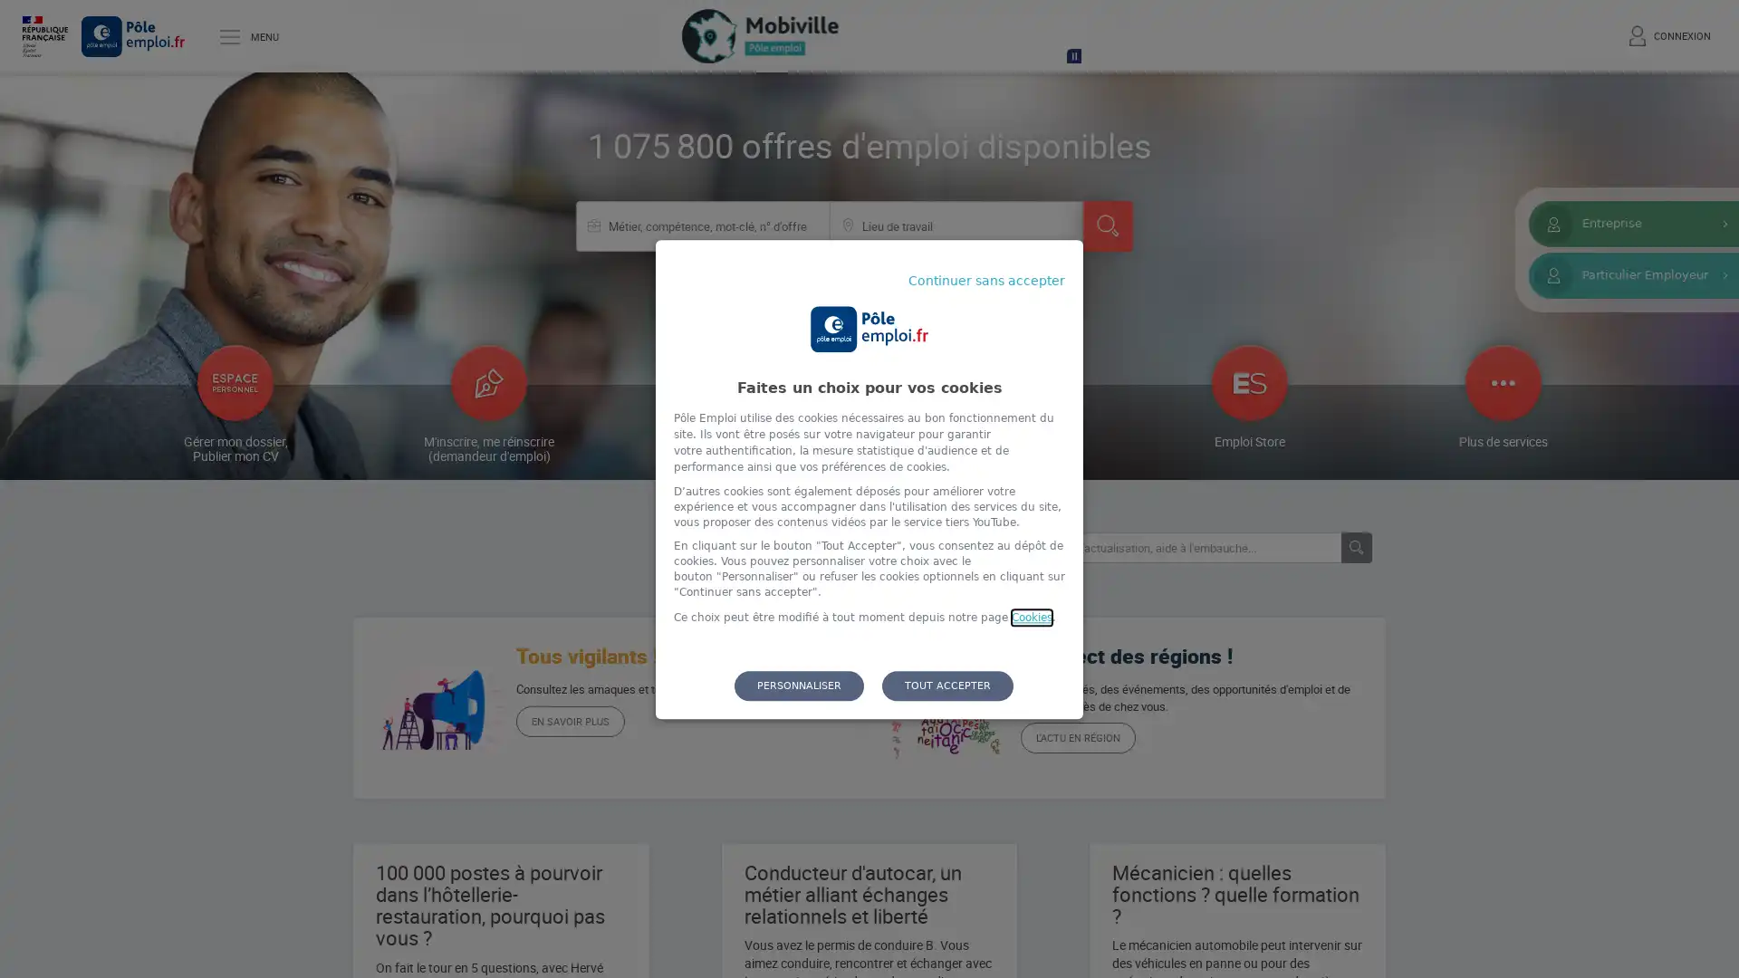 The height and width of the screenshot is (978, 1739). I want to click on RECHERCHER UNE INFORMATION SUR POLE EMPLOI, so click(1356, 547).